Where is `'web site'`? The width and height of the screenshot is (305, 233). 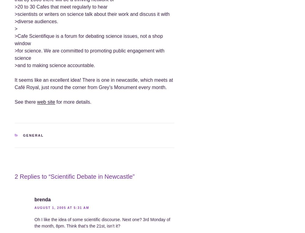 'web site' is located at coordinates (46, 101).